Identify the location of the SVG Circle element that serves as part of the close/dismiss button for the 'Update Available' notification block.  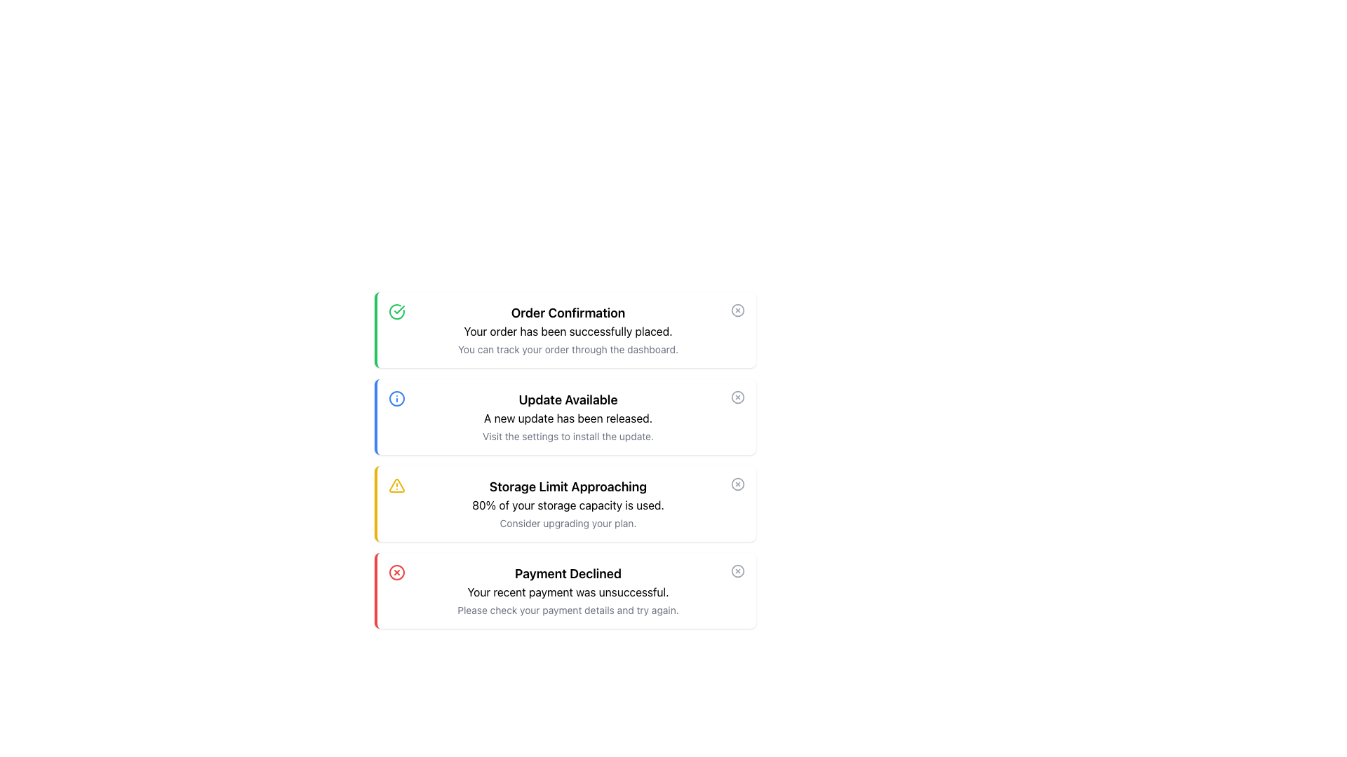
(737, 397).